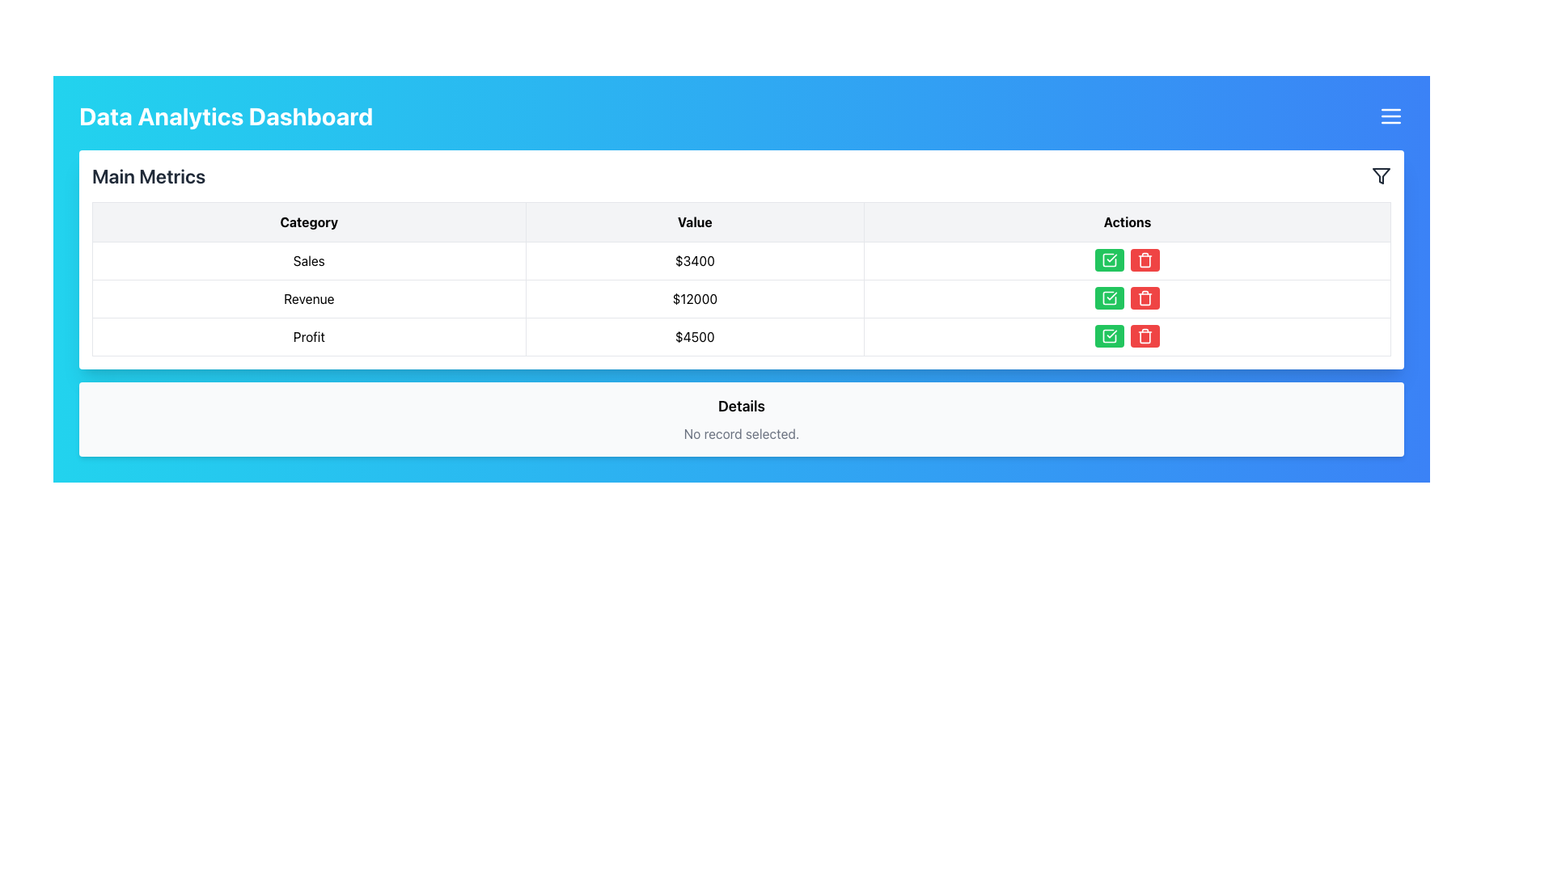 The image size is (1553, 873). I want to click on the text label reading 'Value' in bold black font, which is centrally positioned in the header row of a structured table layout, so click(695, 221).